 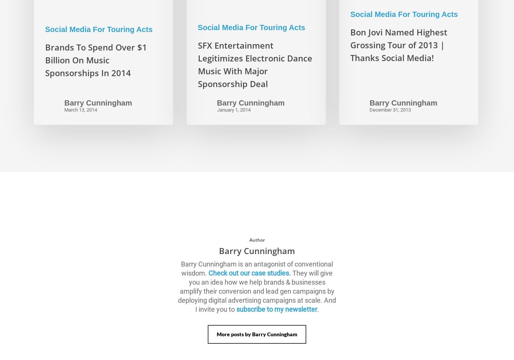 I want to click on 'SFX Entertainment Legitimizes Electronic Dance Music With Major Sponsorship Deal', so click(x=254, y=64).